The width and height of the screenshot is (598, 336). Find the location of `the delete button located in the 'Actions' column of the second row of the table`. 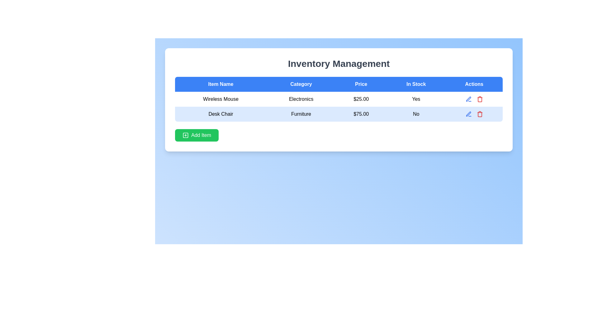

the delete button located in the 'Actions' column of the second row of the table is located at coordinates (479, 114).